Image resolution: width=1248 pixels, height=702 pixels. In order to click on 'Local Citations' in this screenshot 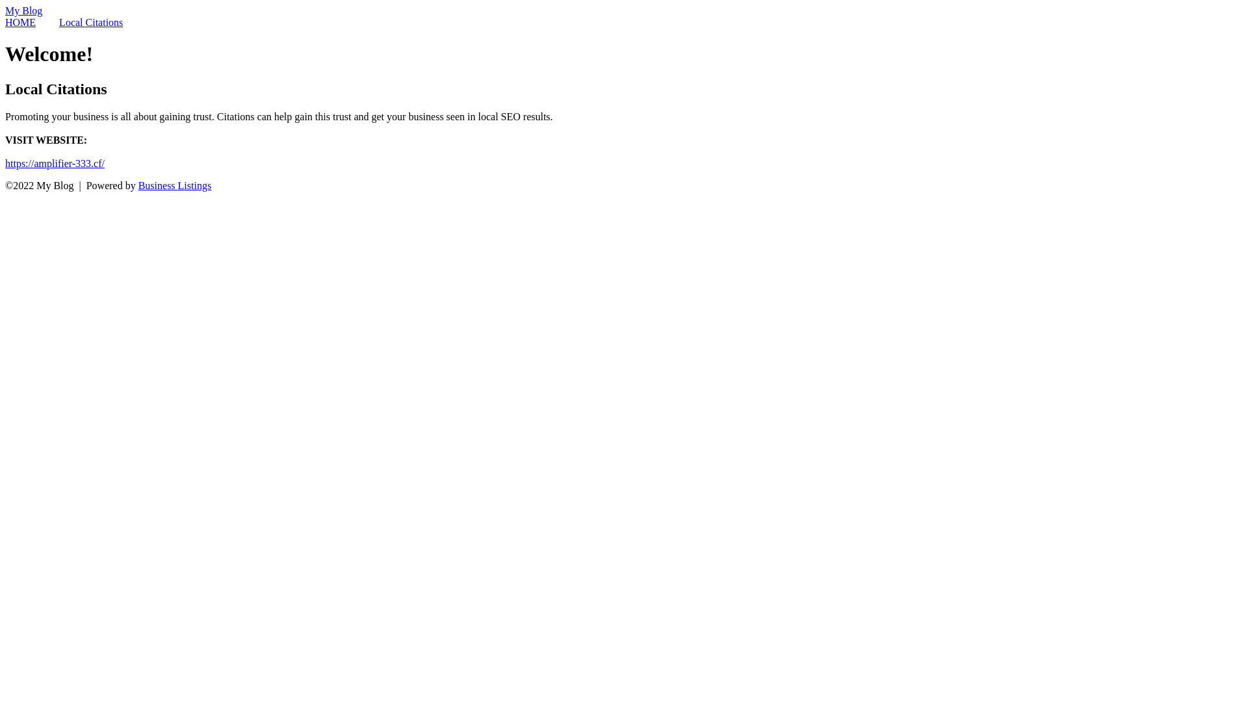, I will do `click(90, 22)`.